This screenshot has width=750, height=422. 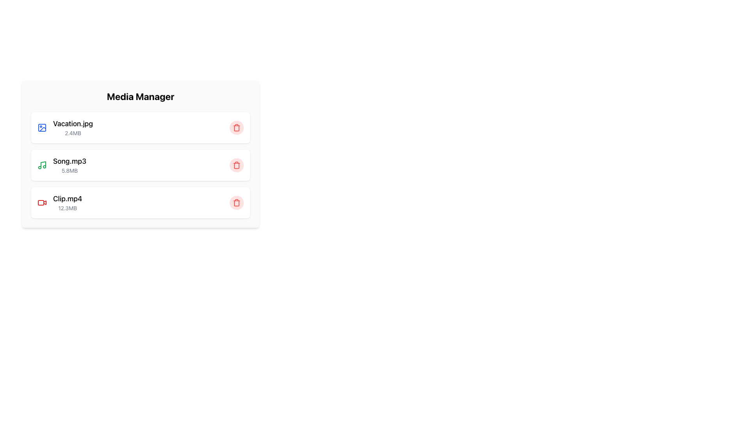 I want to click on the right-side icon associated with the 'Clip.mp4' entry in the media manager section, so click(x=45, y=202).